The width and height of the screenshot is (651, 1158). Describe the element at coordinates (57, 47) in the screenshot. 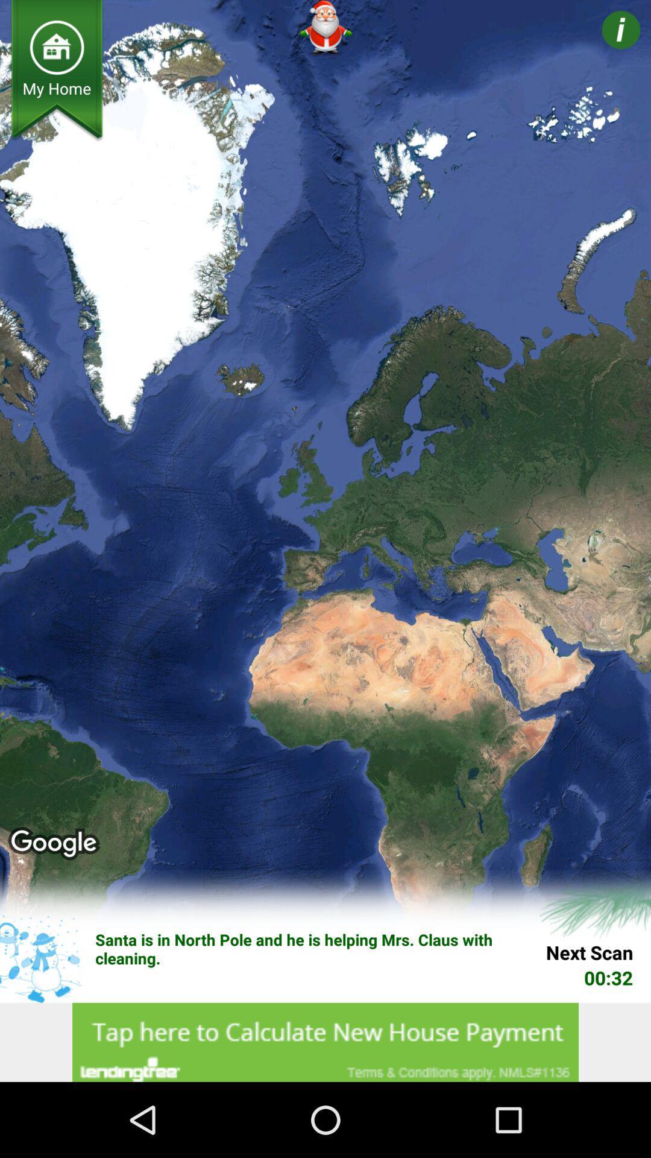

I see `click home icon` at that location.